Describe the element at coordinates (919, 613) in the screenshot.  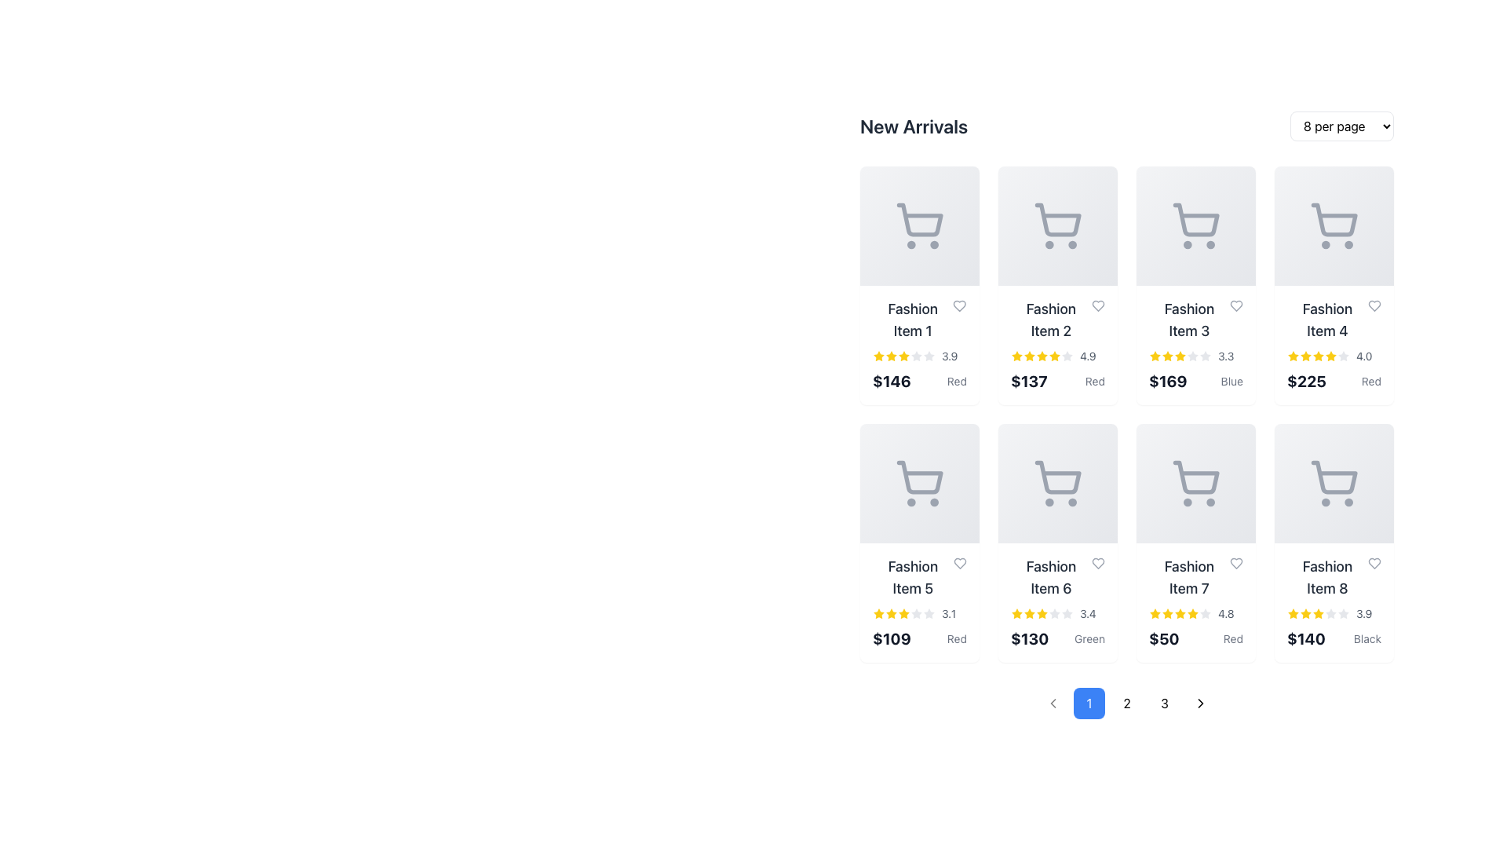
I see `the Rating component displaying stars and the textual rating value for 'Fashion Item 5'` at that location.